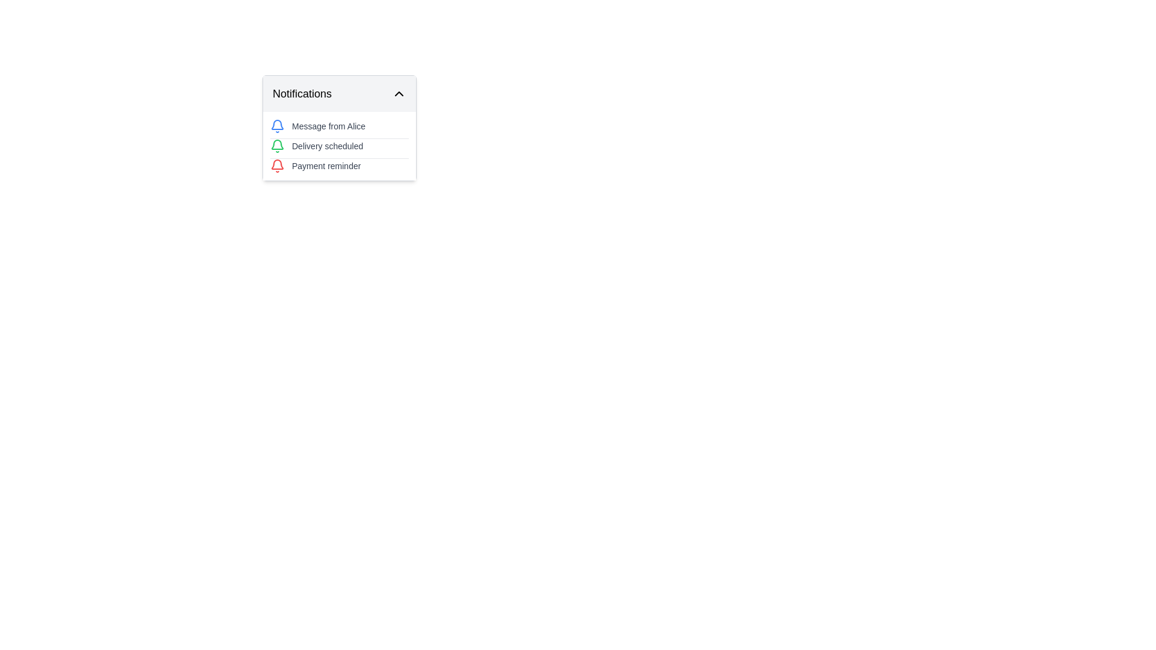 The image size is (1156, 650). I want to click on notification text labeled as 'Delivery Scheduled', which is the second item in the notifications list, positioned below 'Message from Alice' and above 'Payment reminder', so click(339, 145).